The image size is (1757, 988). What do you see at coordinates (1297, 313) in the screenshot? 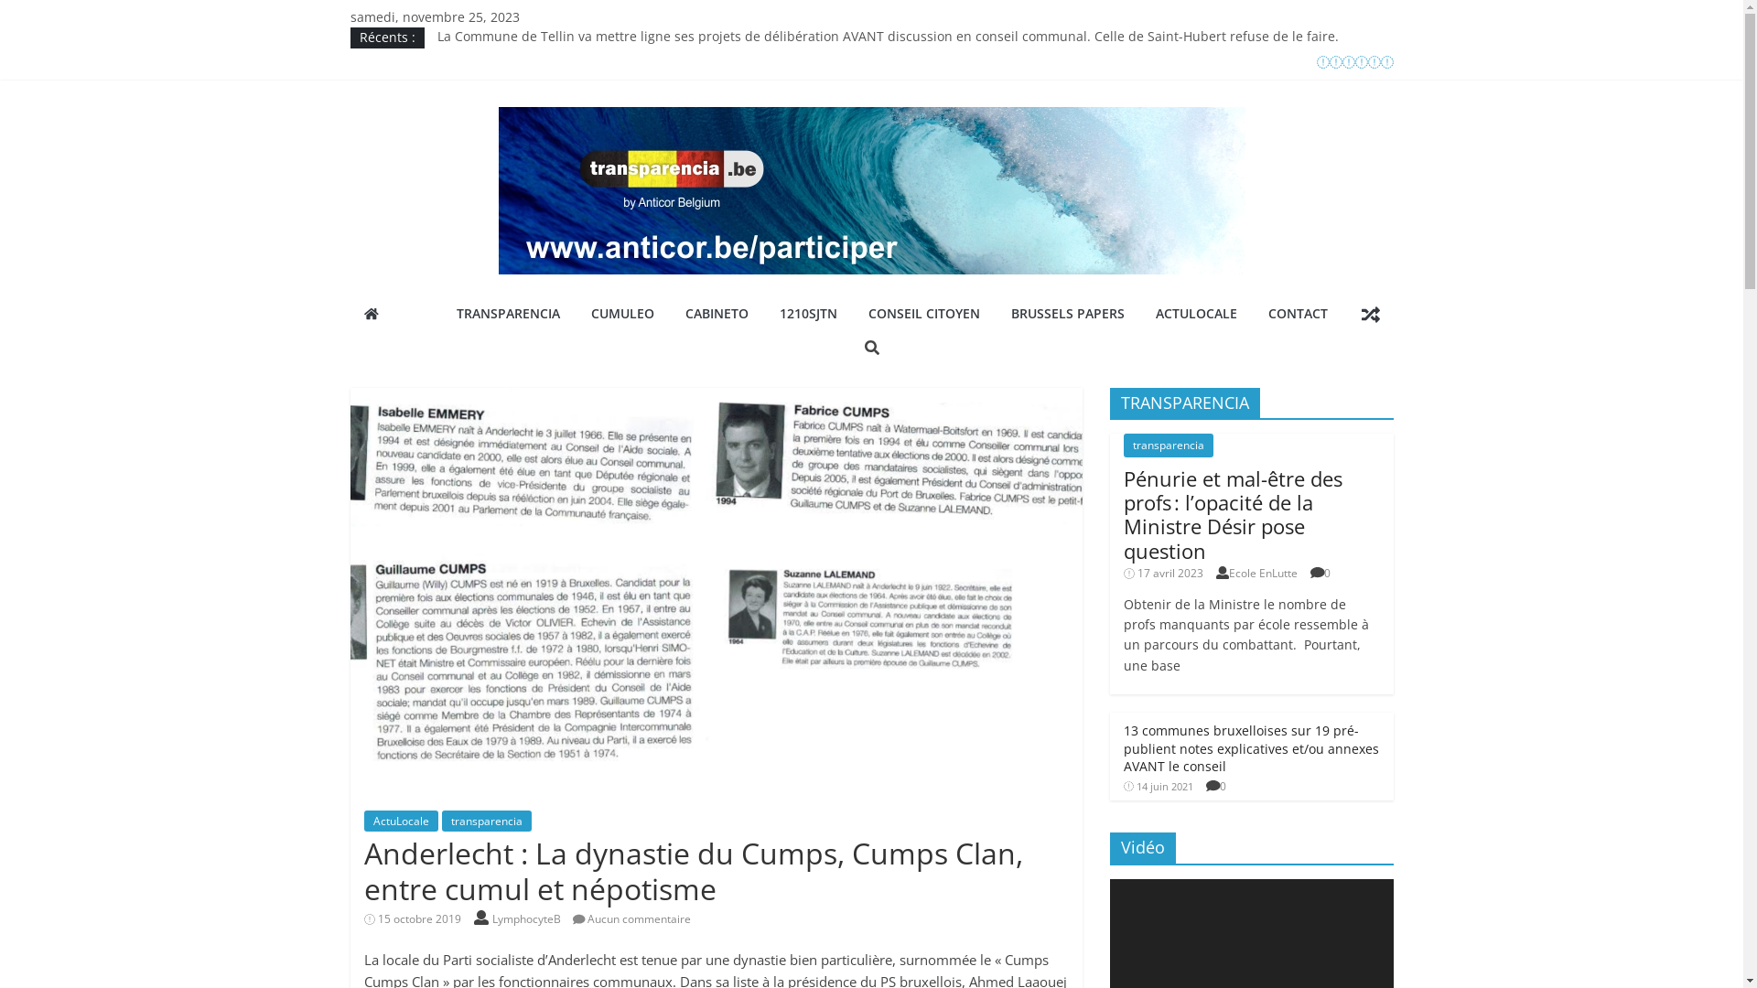
I see `'CONTACT'` at bounding box center [1297, 313].